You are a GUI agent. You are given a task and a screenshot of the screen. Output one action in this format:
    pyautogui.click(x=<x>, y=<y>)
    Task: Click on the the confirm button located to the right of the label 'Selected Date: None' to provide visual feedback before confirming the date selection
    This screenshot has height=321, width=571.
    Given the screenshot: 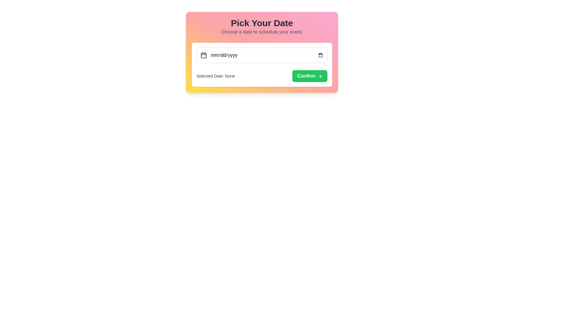 What is the action you would take?
    pyautogui.click(x=310, y=75)
    